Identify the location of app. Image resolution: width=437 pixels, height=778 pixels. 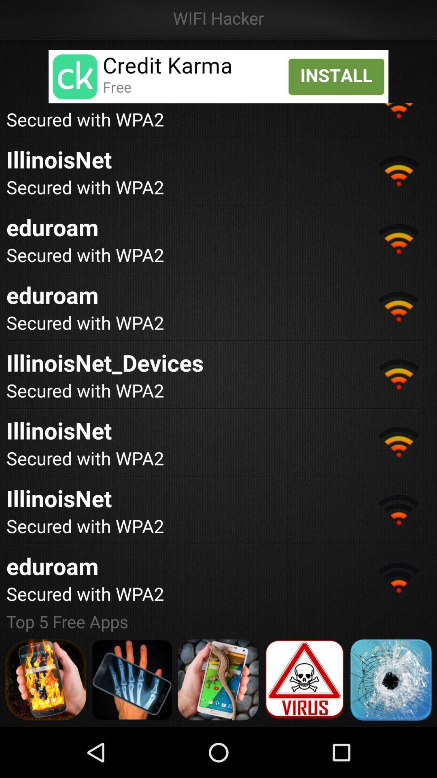
(390, 680).